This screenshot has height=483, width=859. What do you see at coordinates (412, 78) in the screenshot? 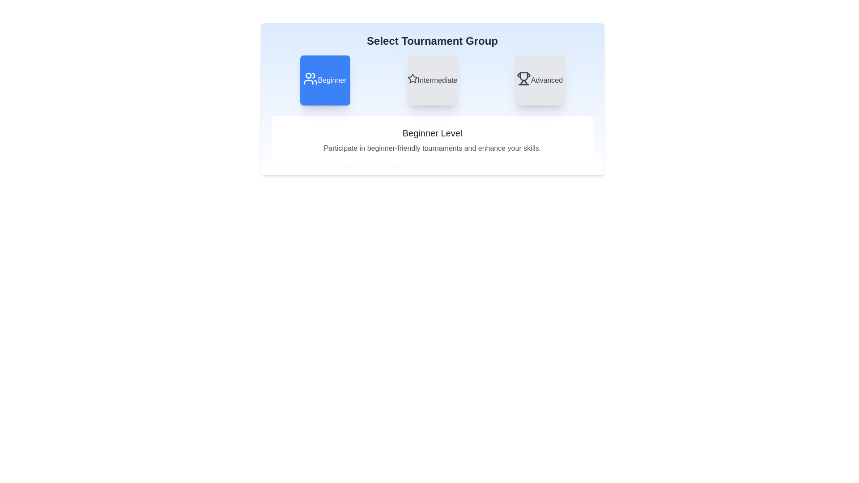
I see `the star icon associated with the 'Intermediate' tournament group, which is located within the second card of three tournament level cards` at bounding box center [412, 78].